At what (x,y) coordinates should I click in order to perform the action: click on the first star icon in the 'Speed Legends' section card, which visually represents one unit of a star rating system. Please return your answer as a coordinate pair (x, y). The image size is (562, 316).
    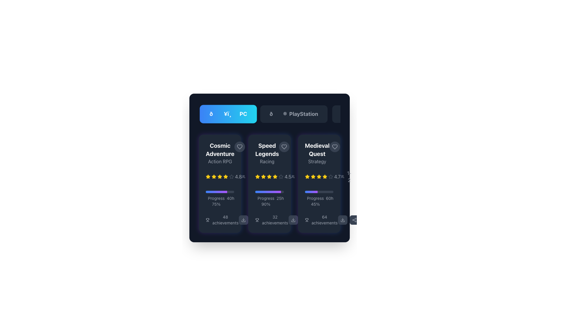
    Looking at the image, I should click on (258, 176).